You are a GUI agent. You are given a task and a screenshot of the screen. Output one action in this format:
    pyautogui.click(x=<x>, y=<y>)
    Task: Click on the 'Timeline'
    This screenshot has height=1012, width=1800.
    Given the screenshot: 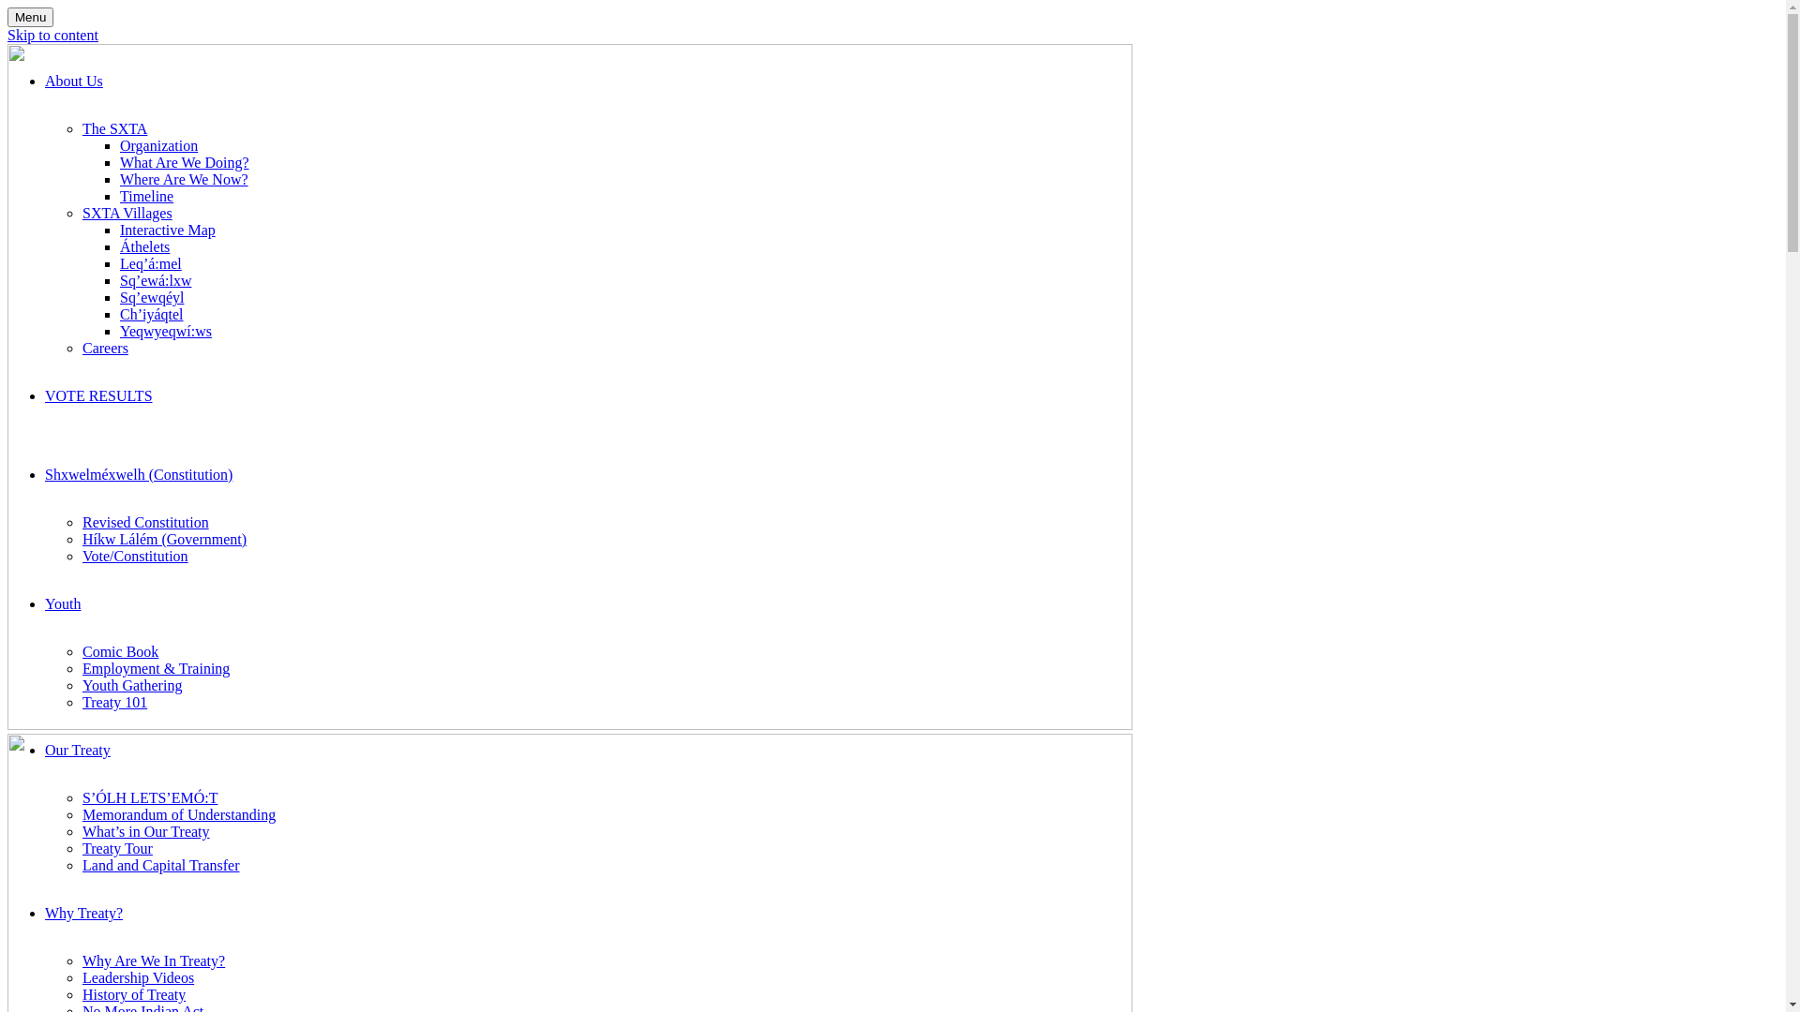 What is the action you would take?
    pyautogui.click(x=119, y=196)
    